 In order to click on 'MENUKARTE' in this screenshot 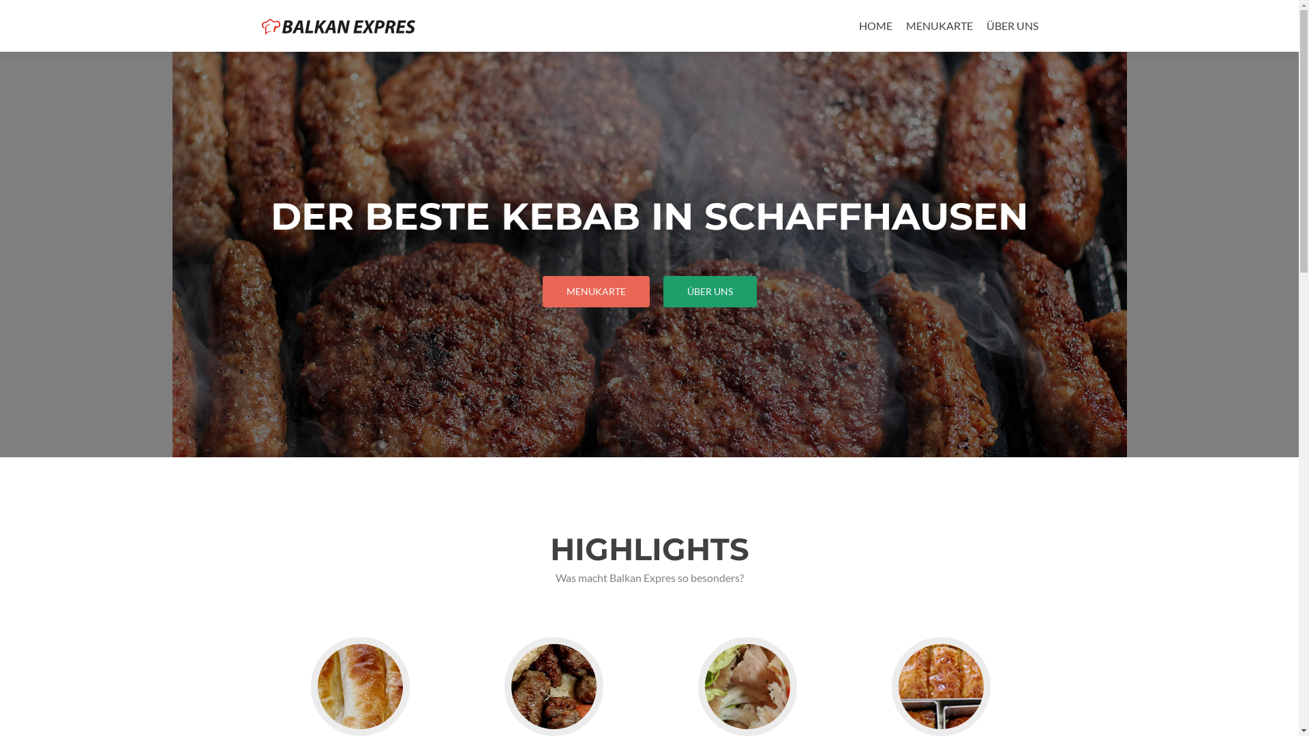, I will do `click(905, 25)`.